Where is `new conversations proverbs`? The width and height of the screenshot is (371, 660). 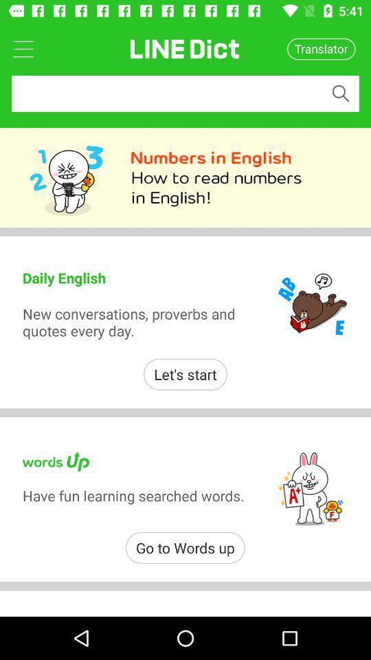
new conversations proverbs is located at coordinates (135, 322).